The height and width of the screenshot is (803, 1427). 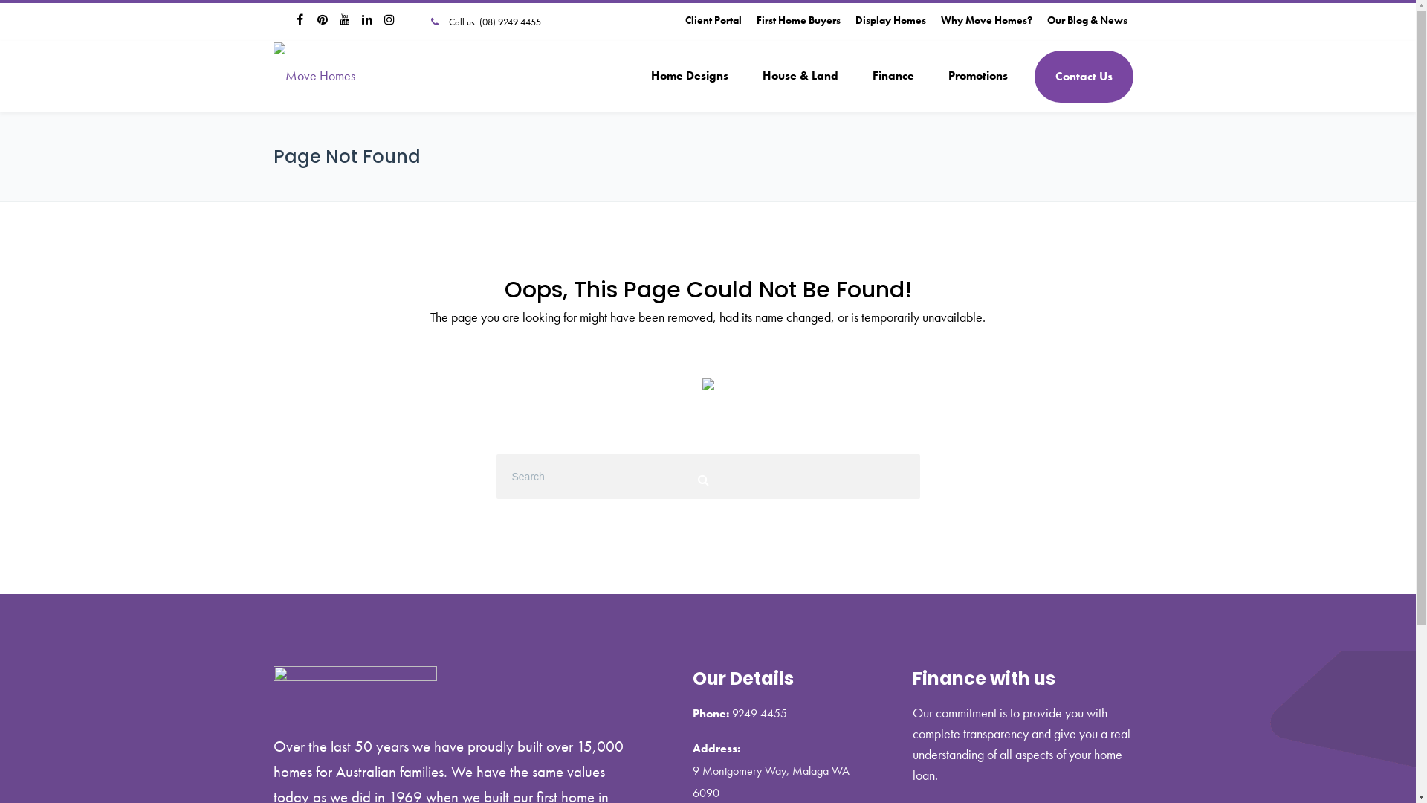 I want to click on 'House & Land', so click(x=745, y=76).